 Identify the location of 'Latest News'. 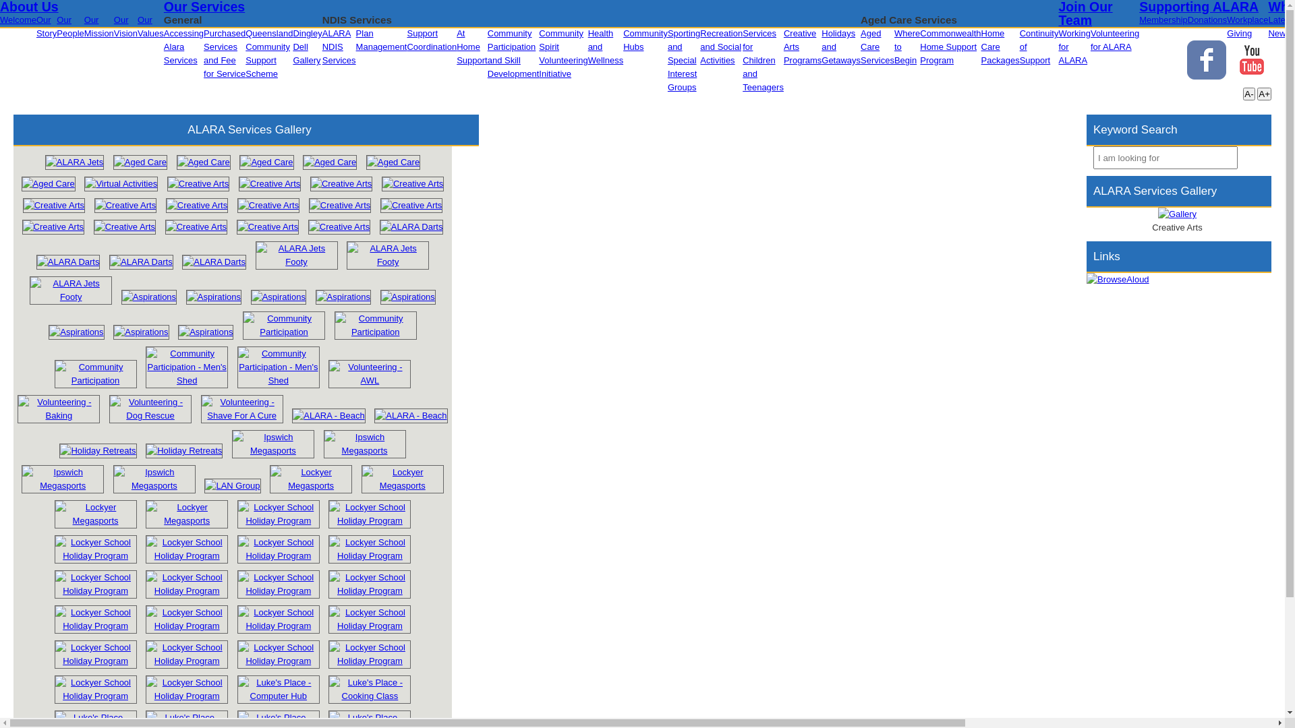
(1267, 26).